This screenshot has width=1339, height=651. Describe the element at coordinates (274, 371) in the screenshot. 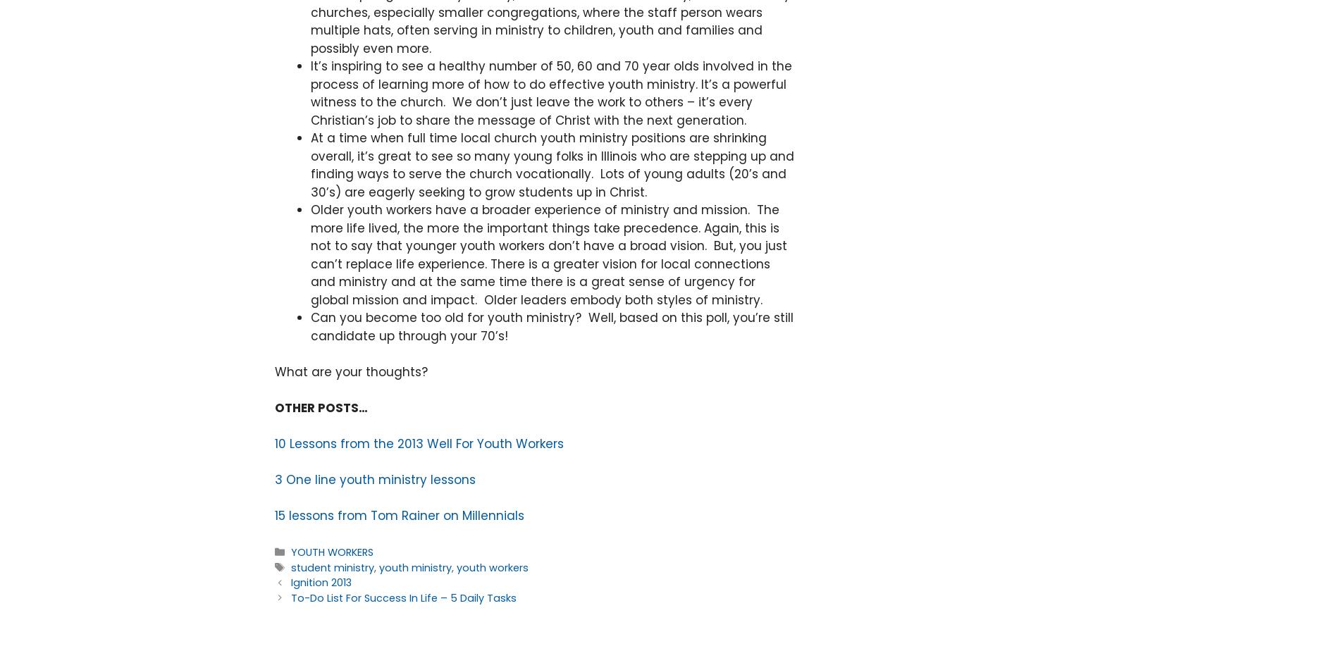

I see `'What are your thoughts?'` at that location.